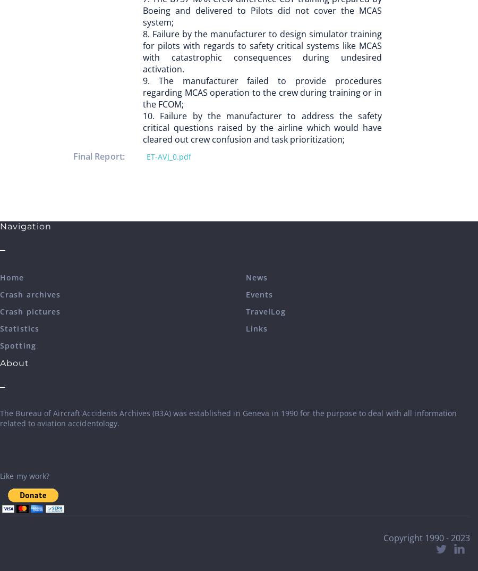 The width and height of the screenshot is (478, 571). What do you see at coordinates (29, 294) in the screenshot?
I see `'Crash archives'` at bounding box center [29, 294].